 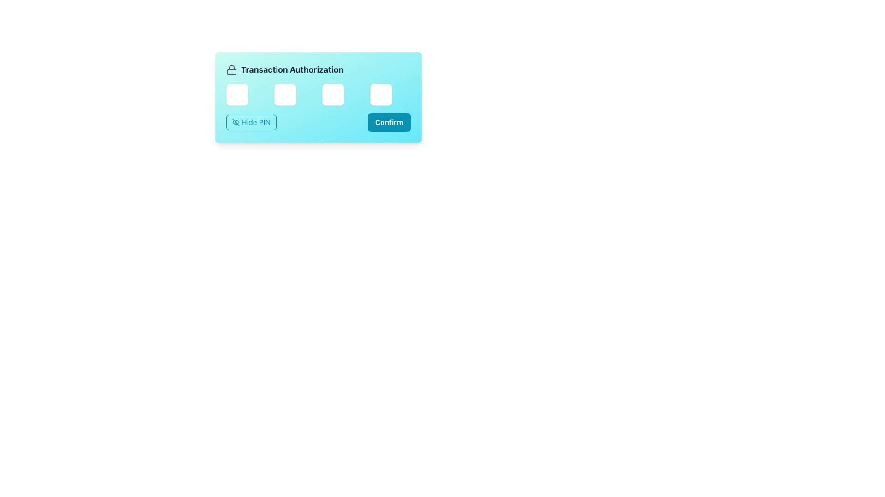 I want to click on the 'Hide PIN' button, which is a textual button styled in cyan and associated with an eye icon, so click(x=256, y=122).